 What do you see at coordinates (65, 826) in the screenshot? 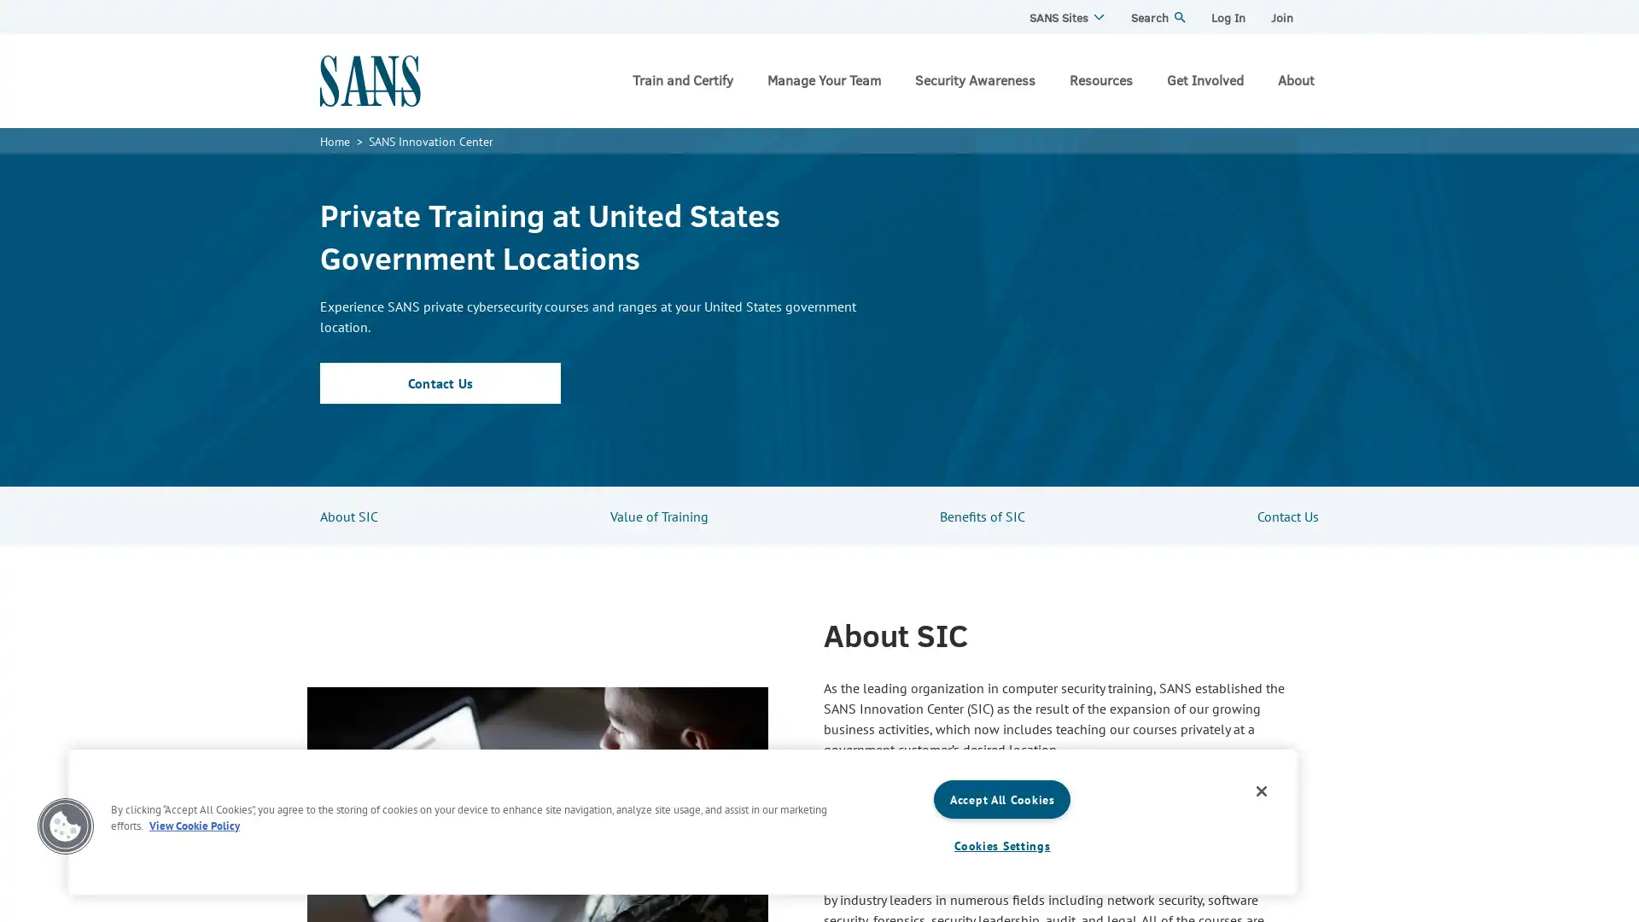
I see `Cookies` at bounding box center [65, 826].